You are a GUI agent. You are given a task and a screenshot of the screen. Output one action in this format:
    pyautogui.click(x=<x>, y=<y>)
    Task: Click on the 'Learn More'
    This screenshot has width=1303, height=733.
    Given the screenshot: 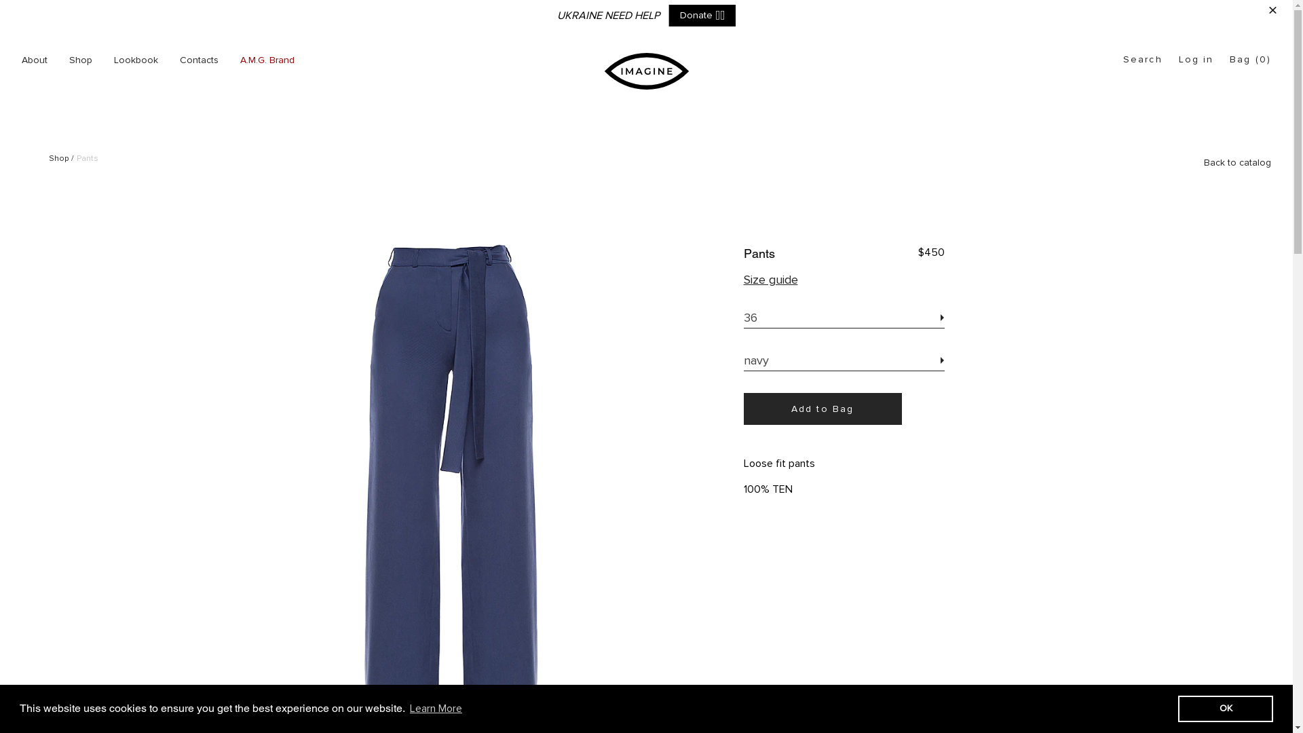 What is the action you would take?
    pyautogui.click(x=436, y=708)
    